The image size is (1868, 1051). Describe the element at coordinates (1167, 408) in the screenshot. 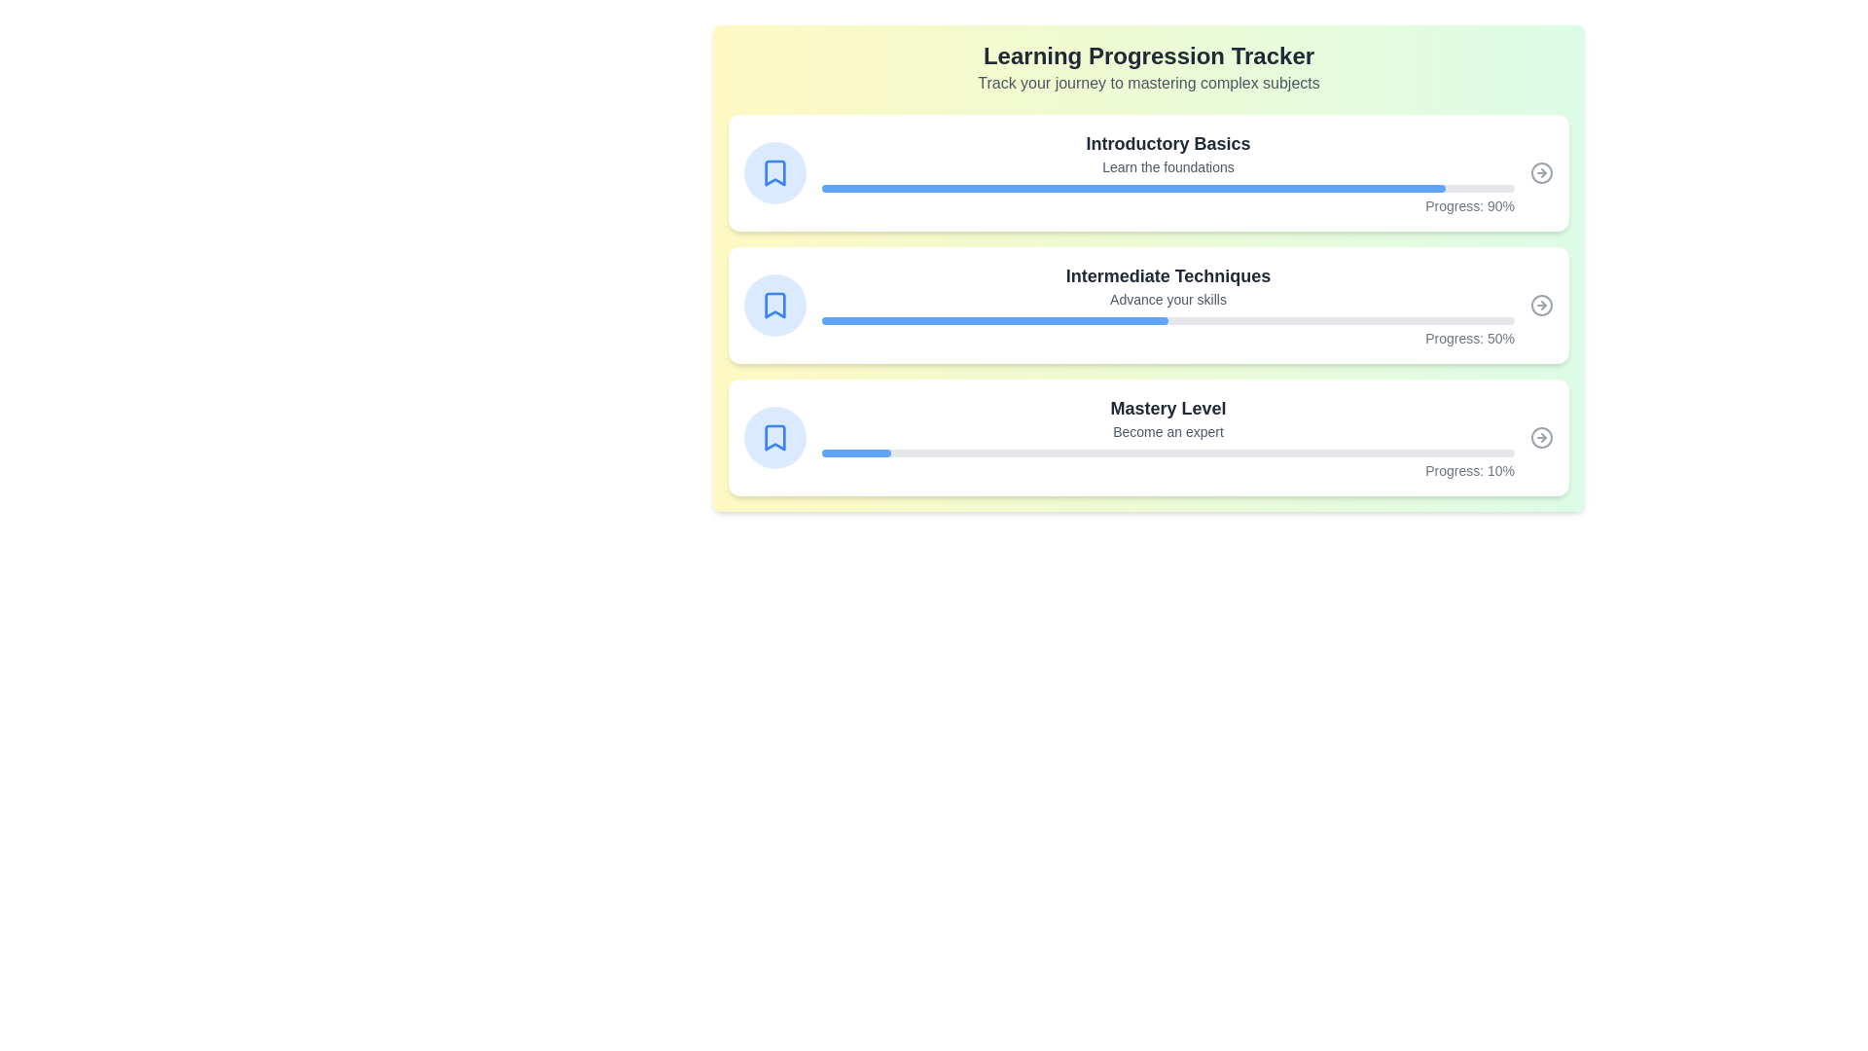

I see `the header Text Label that indicates the level or title for the progress-tracking block, positioned above the text 'Become an expert' and the progress bar in the third progress block` at that location.